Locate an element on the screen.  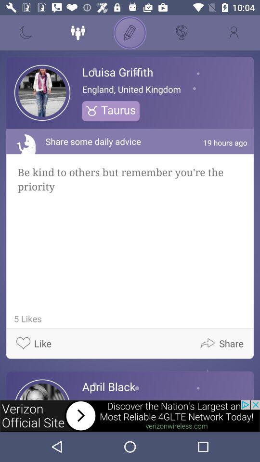
the image to the left side of louisa griffith is located at coordinates (42, 92).